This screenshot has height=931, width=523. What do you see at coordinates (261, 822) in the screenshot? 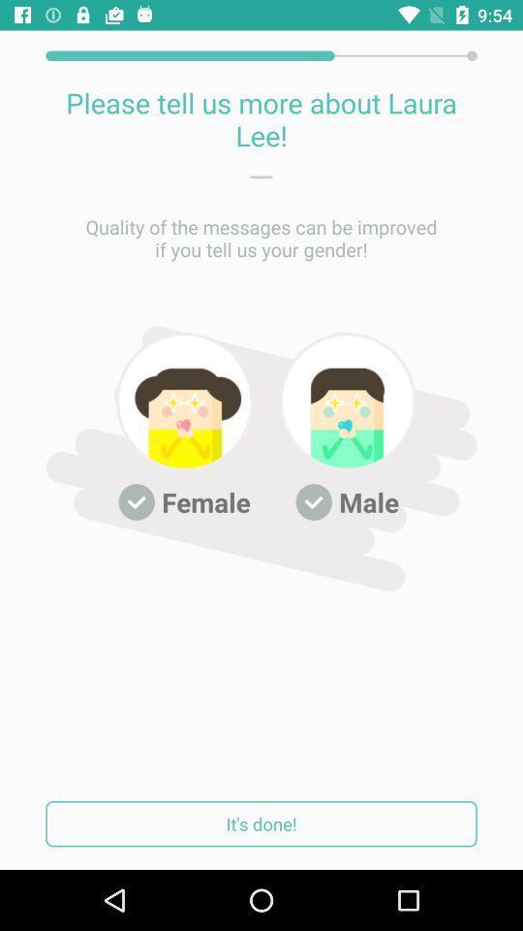
I see `the it's done! icon` at bounding box center [261, 822].